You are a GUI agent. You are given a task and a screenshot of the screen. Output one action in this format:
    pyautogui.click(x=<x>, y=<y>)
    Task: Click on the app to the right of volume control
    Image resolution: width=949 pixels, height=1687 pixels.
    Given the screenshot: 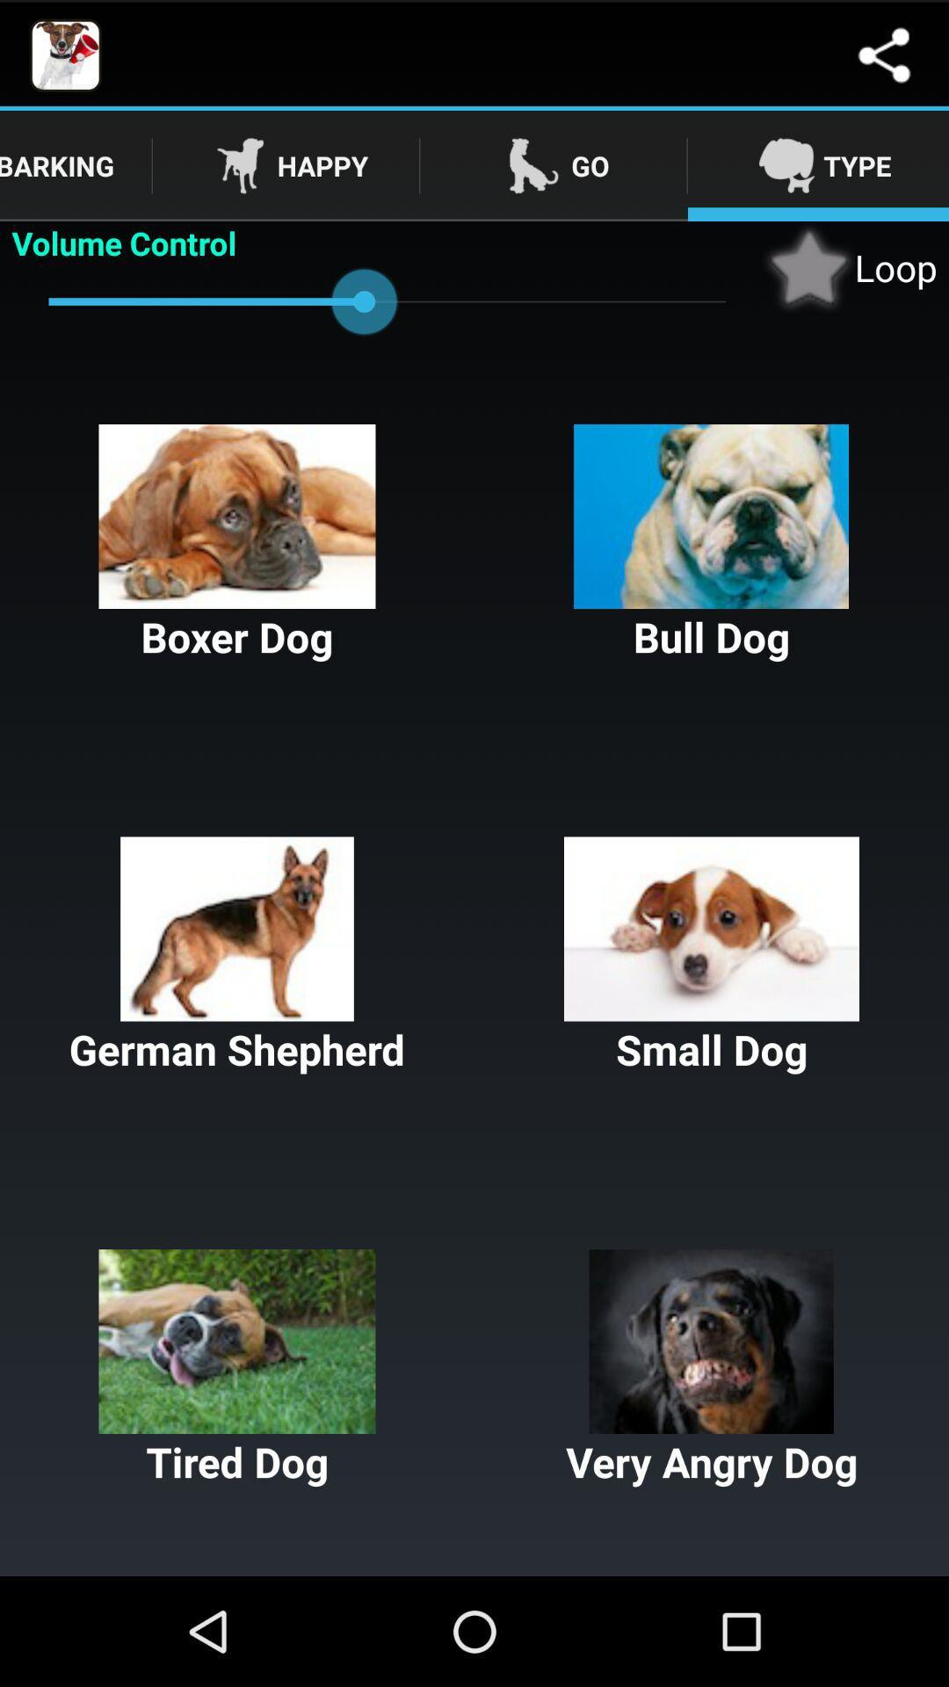 What is the action you would take?
    pyautogui.click(x=849, y=266)
    